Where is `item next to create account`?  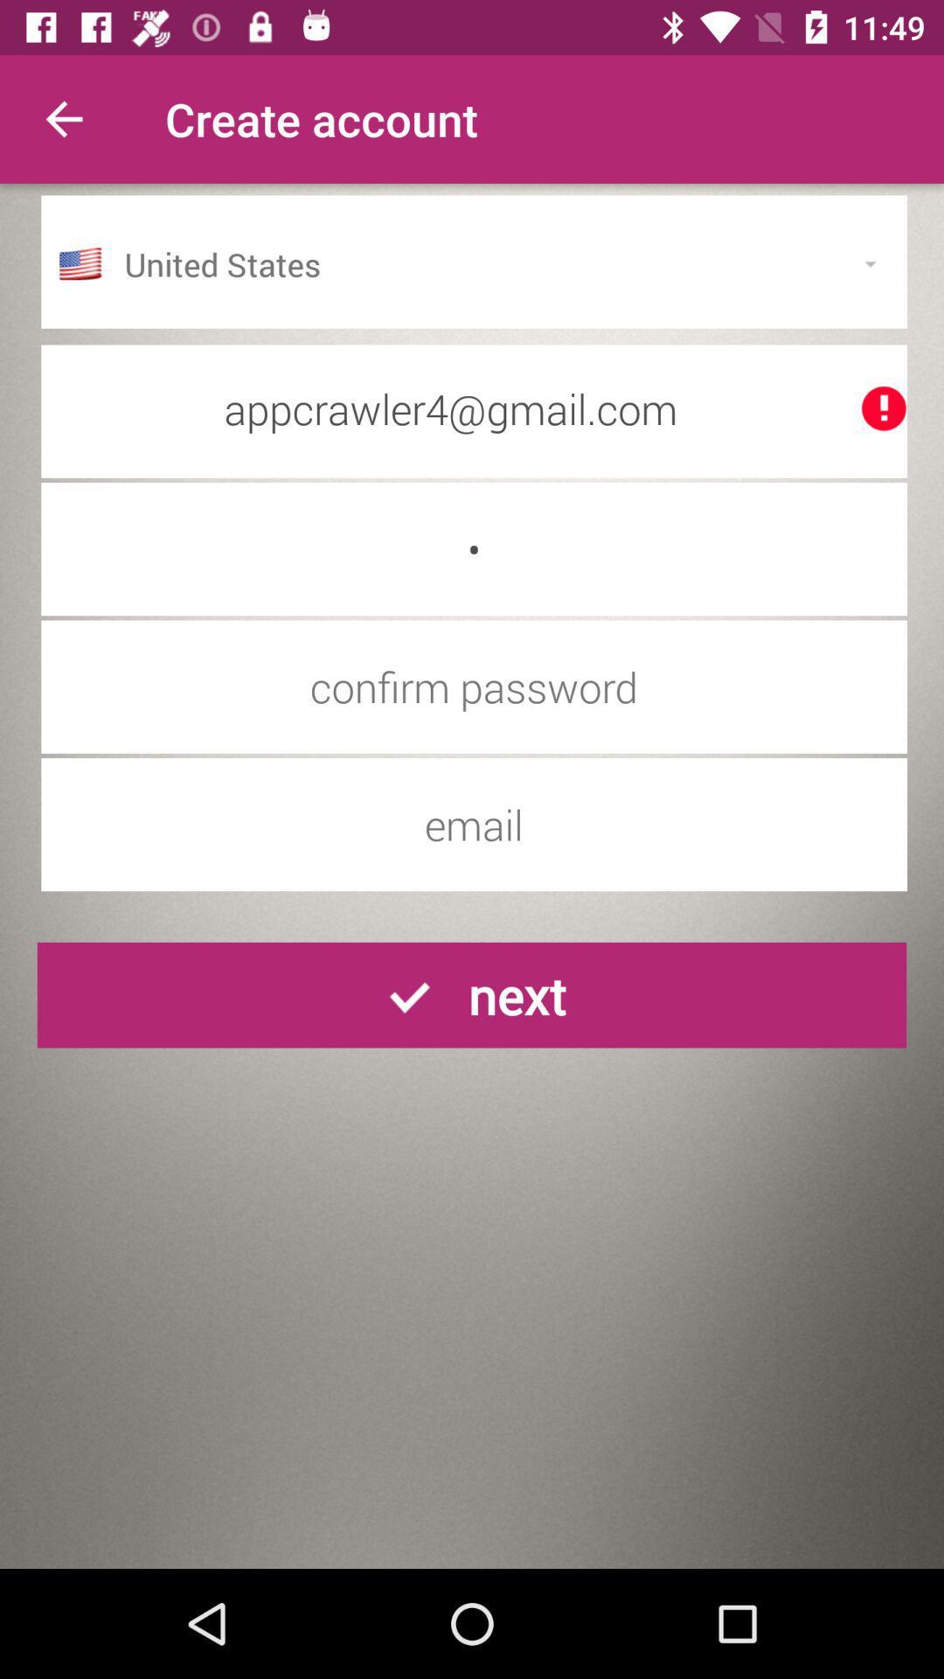 item next to create account is located at coordinates (63, 118).